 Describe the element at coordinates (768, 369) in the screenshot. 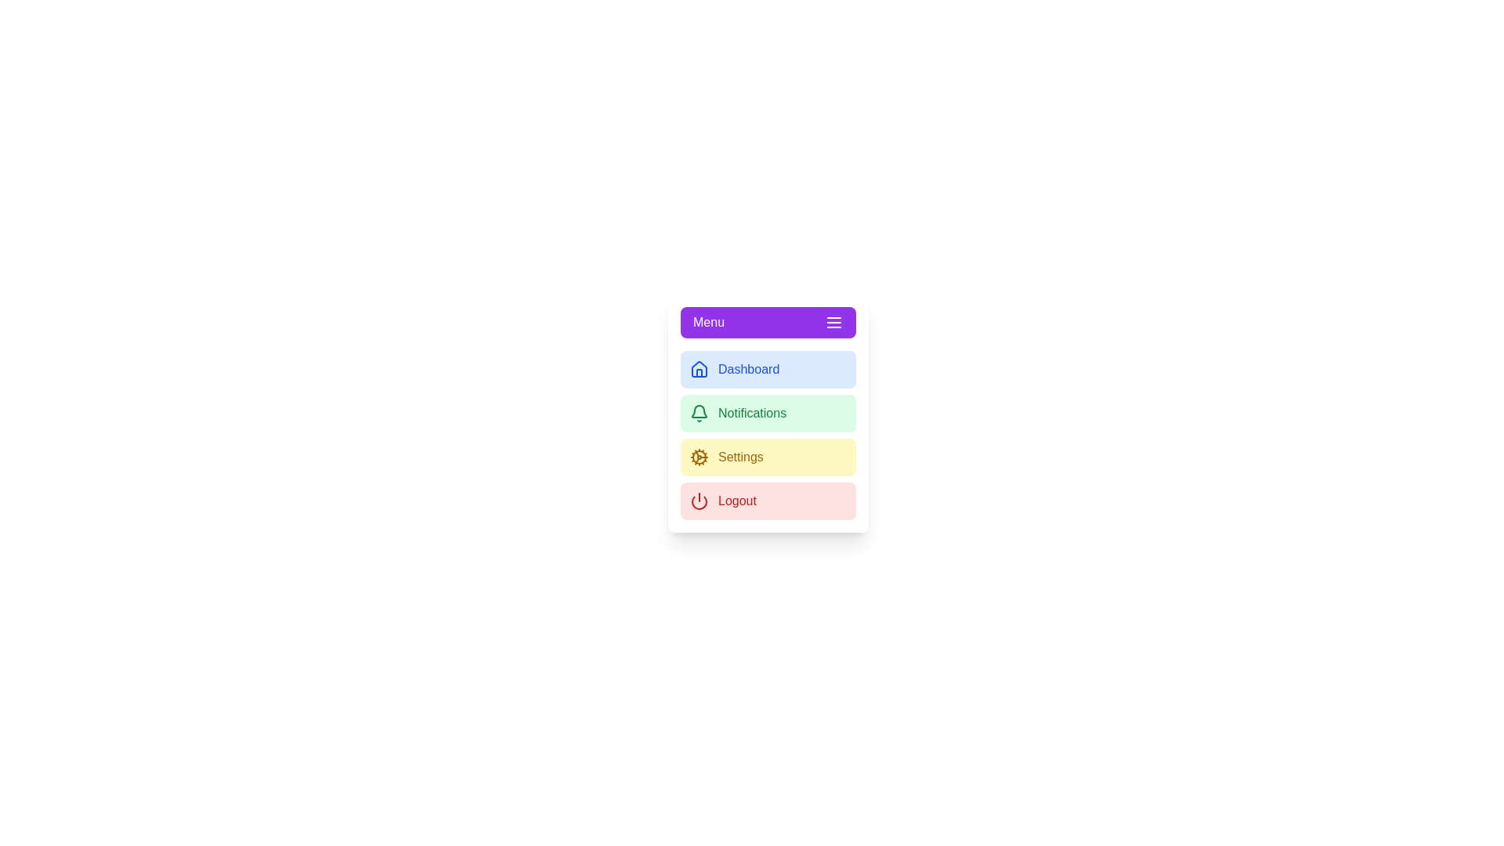

I see `the menu item Dashboard to observe its hover effect` at that location.